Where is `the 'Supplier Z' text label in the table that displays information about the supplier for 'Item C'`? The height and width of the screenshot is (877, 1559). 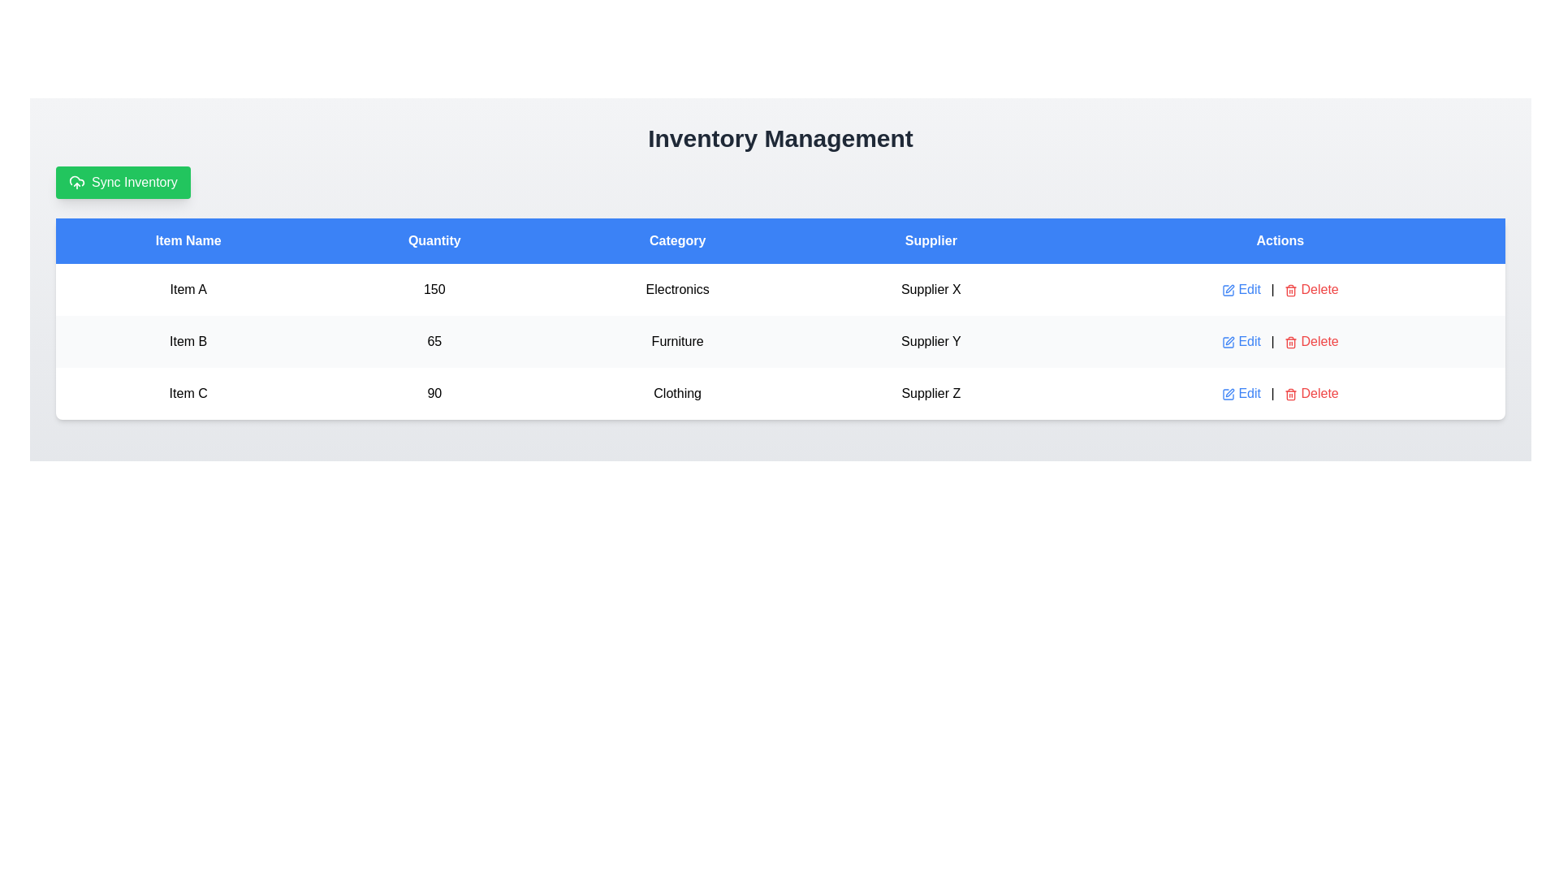
the 'Supplier Z' text label in the table that displays information about the supplier for 'Item C' is located at coordinates (931, 394).